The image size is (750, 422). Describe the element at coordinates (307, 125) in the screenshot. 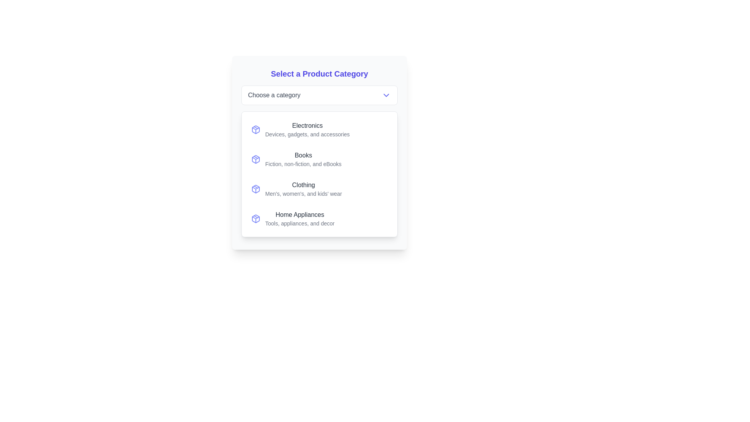

I see `the category option titled 'Electronics' located at the top of the category list by clicking on it` at that location.